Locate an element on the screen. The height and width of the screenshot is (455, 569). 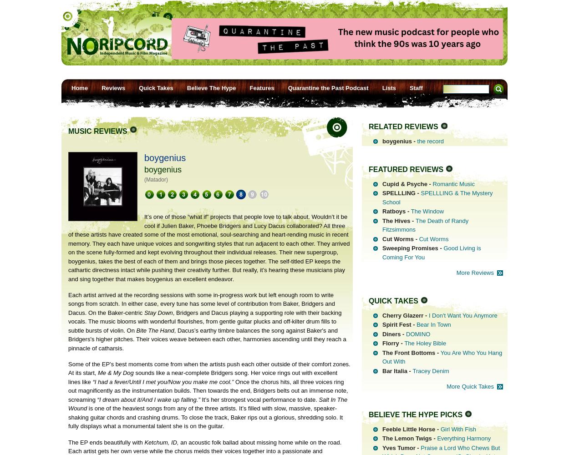
'Each artist arrived at the recording sessions with some in-progress work but left enough room to write songs from scratch. In either case, every tune has some level of contribution from Baker, Bridgers and Dacus. On the Baker-centric' is located at coordinates (68, 303).